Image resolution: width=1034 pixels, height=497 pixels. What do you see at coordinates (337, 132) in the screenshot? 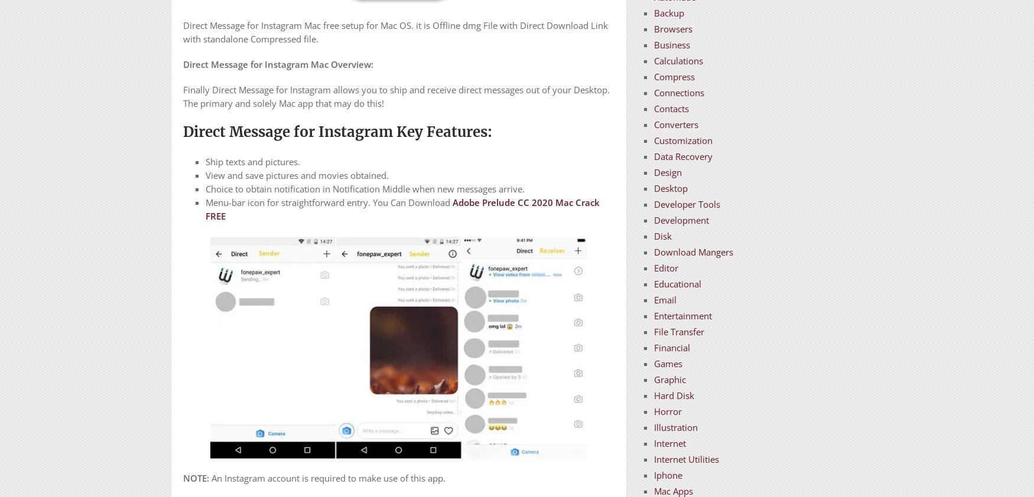
I see `'Direct Message for Instagram Key Features:'` at bounding box center [337, 132].